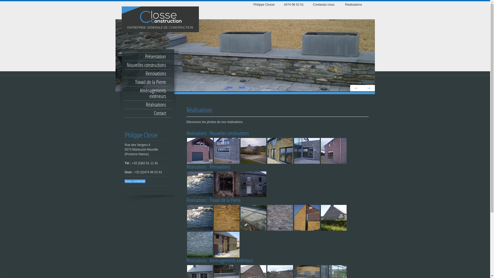 The height and width of the screenshot is (278, 494). What do you see at coordinates (264, 5) in the screenshot?
I see `'Philippe Closse'` at bounding box center [264, 5].